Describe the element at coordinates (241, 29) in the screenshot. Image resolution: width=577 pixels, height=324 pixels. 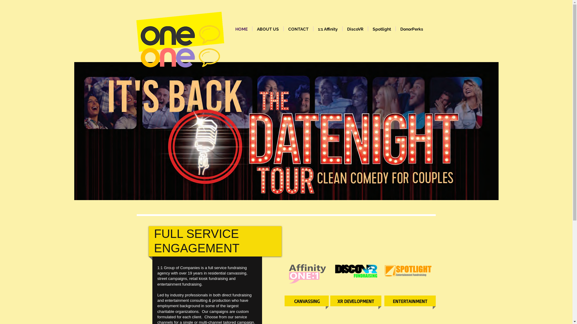
I see `'HOME'` at that location.